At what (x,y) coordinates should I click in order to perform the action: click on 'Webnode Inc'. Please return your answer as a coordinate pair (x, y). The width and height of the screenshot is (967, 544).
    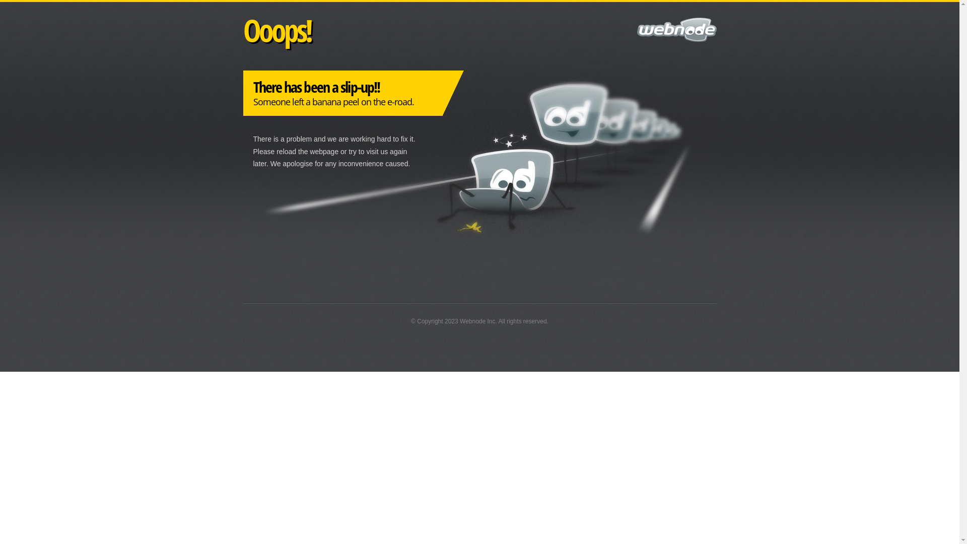
    Looking at the image, I should click on (477, 321).